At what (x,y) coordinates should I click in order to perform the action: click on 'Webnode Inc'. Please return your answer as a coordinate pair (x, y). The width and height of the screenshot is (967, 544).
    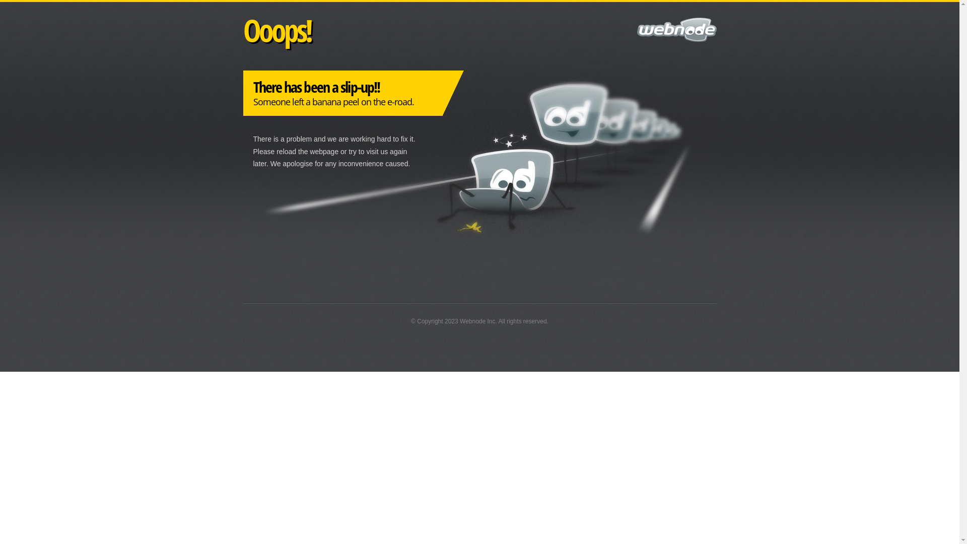
    Looking at the image, I should click on (477, 321).